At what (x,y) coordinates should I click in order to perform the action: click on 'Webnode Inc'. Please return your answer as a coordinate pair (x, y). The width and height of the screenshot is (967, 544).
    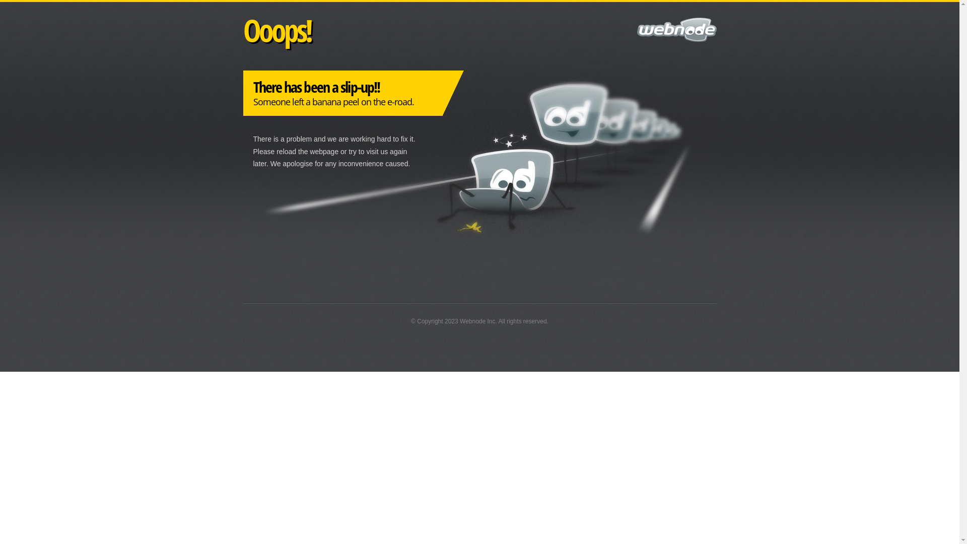
    Looking at the image, I should click on (477, 321).